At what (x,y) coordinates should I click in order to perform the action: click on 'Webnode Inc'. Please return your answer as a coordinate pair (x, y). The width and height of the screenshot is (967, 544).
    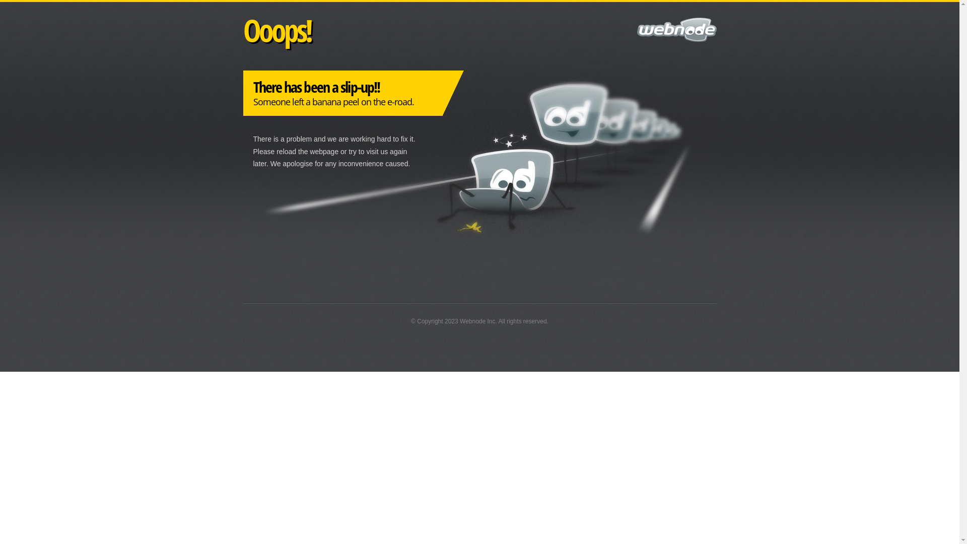
    Looking at the image, I should click on (477, 321).